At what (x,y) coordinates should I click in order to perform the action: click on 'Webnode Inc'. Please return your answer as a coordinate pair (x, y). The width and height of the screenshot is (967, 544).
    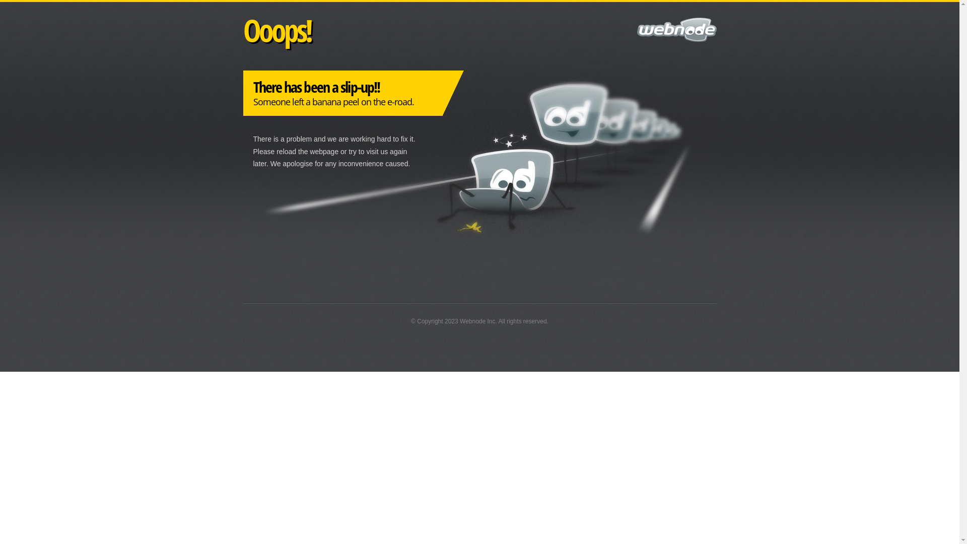
    Looking at the image, I should click on (477, 321).